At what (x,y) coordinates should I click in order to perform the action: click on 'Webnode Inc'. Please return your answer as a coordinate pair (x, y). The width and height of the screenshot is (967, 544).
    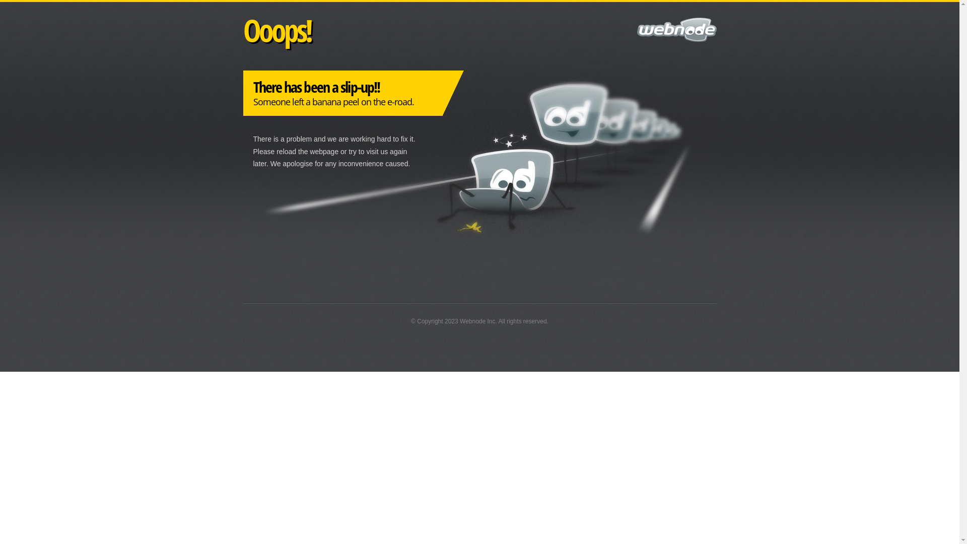
    Looking at the image, I should click on (477, 321).